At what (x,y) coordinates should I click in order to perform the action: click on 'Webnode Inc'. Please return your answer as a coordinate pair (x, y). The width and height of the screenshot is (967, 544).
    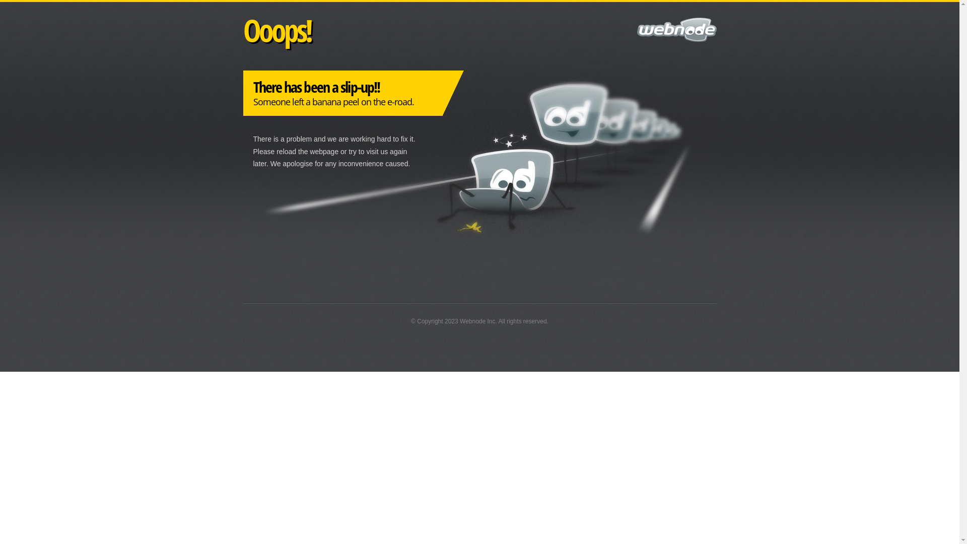
    Looking at the image, I should click on (477, 321).